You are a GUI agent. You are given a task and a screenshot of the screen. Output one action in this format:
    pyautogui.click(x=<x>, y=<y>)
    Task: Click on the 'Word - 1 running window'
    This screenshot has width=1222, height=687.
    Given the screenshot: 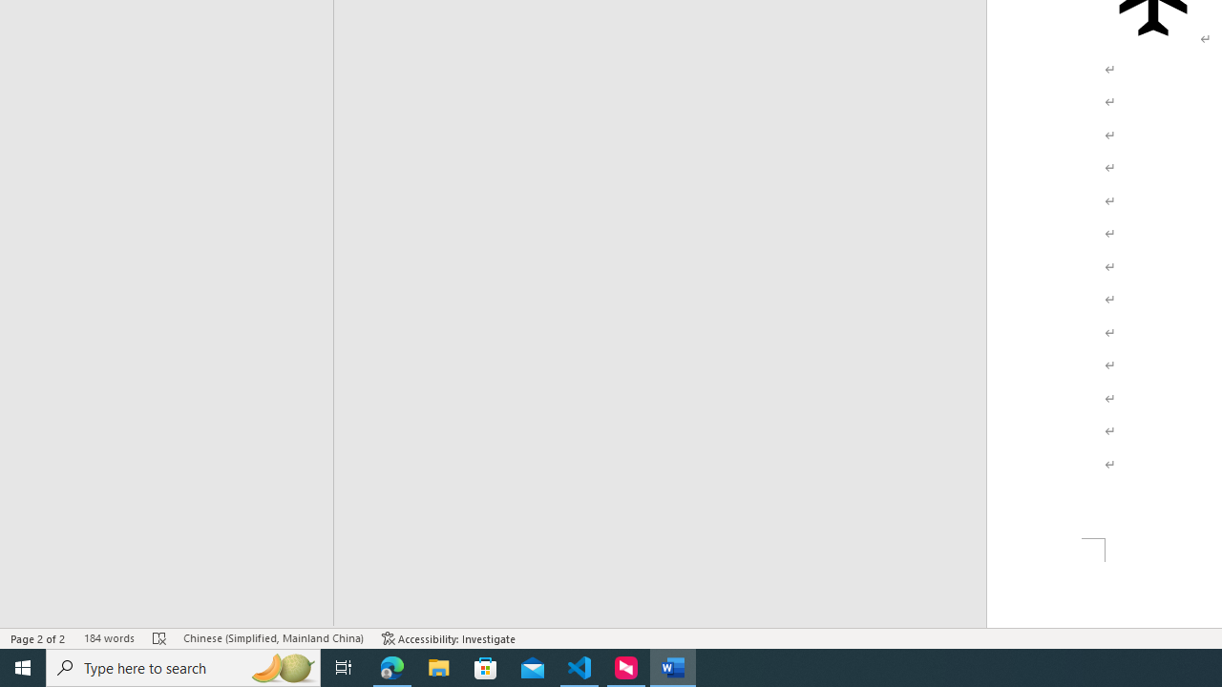 What is the action you would take?
    pyautogui.click(x=673, y=666)
    